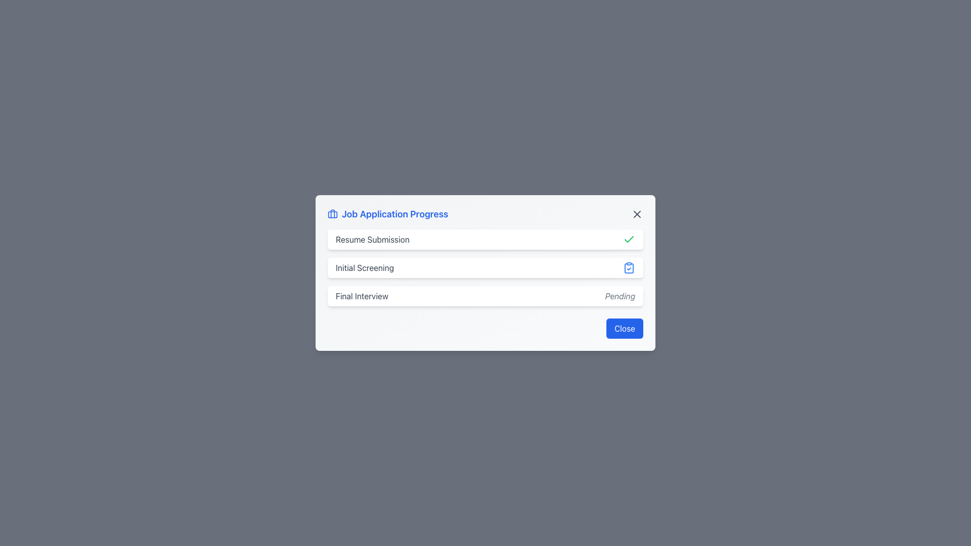 The image size is (971, 546). I want to click on the 'Final Interview' text label indicating the job application process stage, so click(362, 296).